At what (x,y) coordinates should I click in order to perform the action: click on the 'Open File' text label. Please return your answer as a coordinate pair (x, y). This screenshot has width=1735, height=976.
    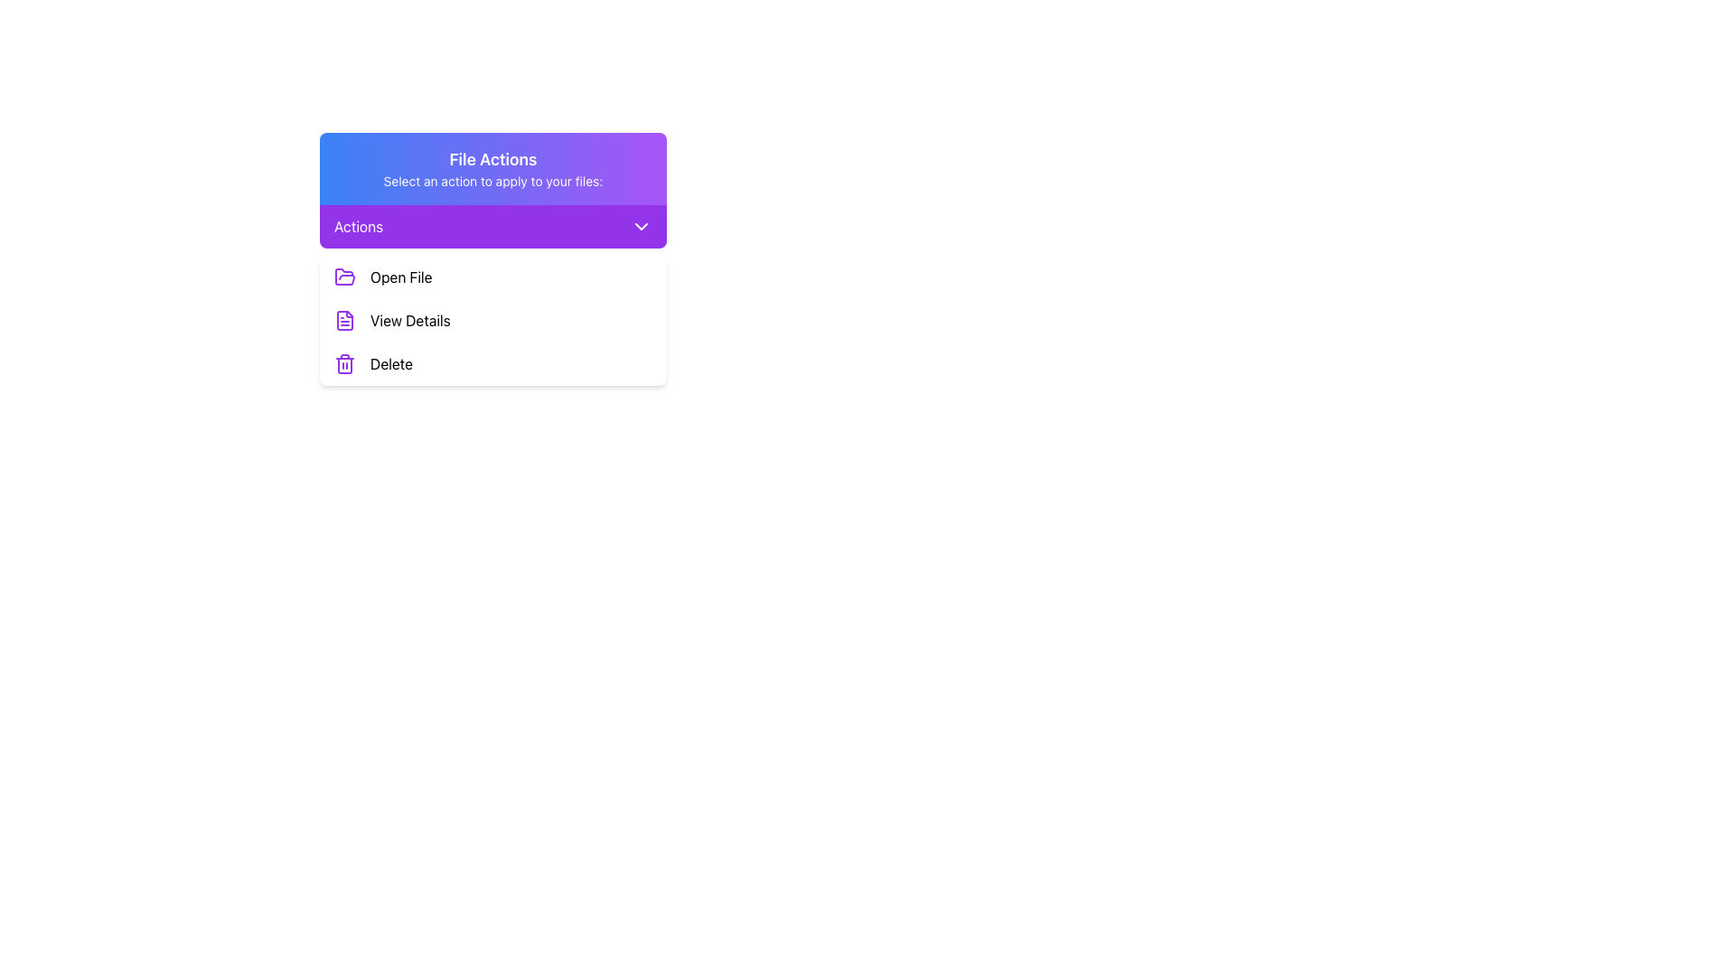
    Looking at the image, I should click on (400, 277).